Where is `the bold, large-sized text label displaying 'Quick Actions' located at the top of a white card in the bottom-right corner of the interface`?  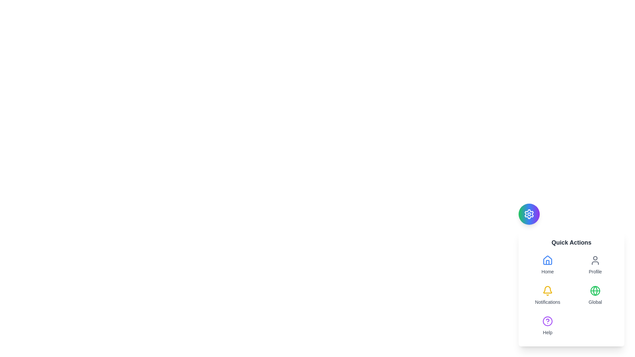
the bold, large-sized text label displaying 'Quick Actions' located at the top of a white card in the bottom-right corner of the interface is located at coordinates (571, 242).